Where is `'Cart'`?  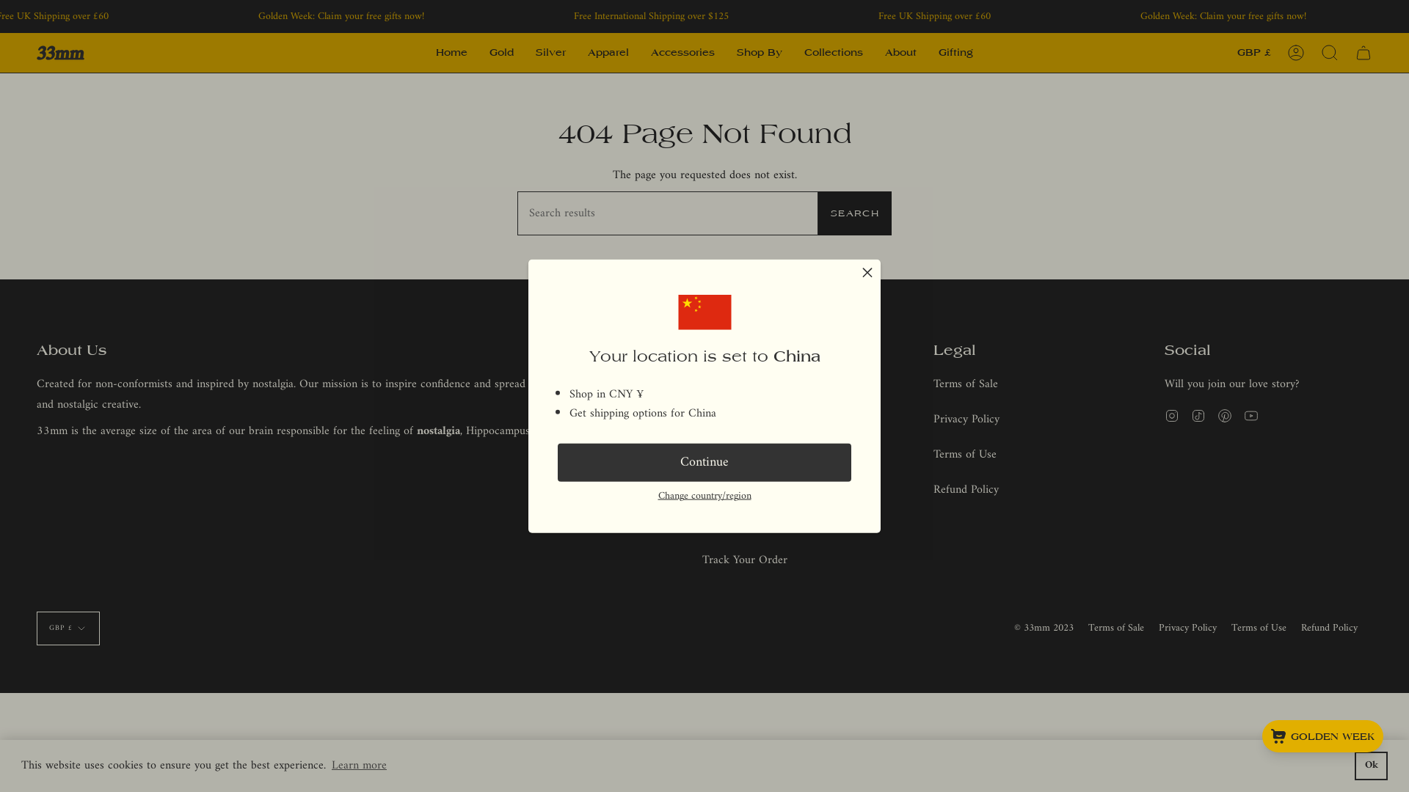
'Cart' is located at coordinates (1362, 52).